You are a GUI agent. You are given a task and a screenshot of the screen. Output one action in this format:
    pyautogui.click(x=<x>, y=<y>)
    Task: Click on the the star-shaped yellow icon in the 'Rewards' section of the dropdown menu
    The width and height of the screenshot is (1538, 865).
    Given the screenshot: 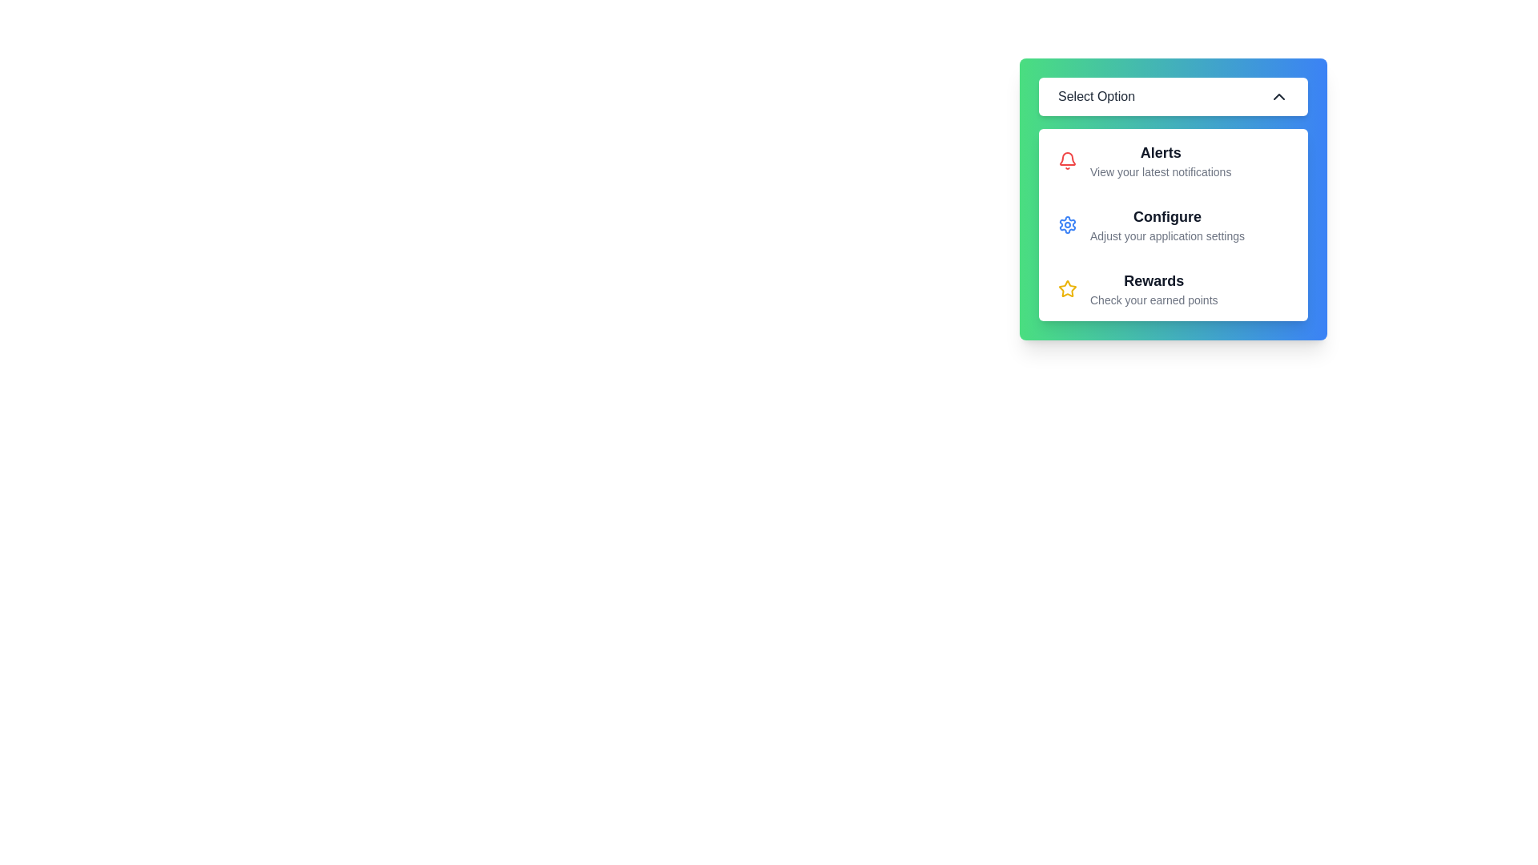 What is the action you would take?
    pyautogui.click(x=1068, y=288)
    